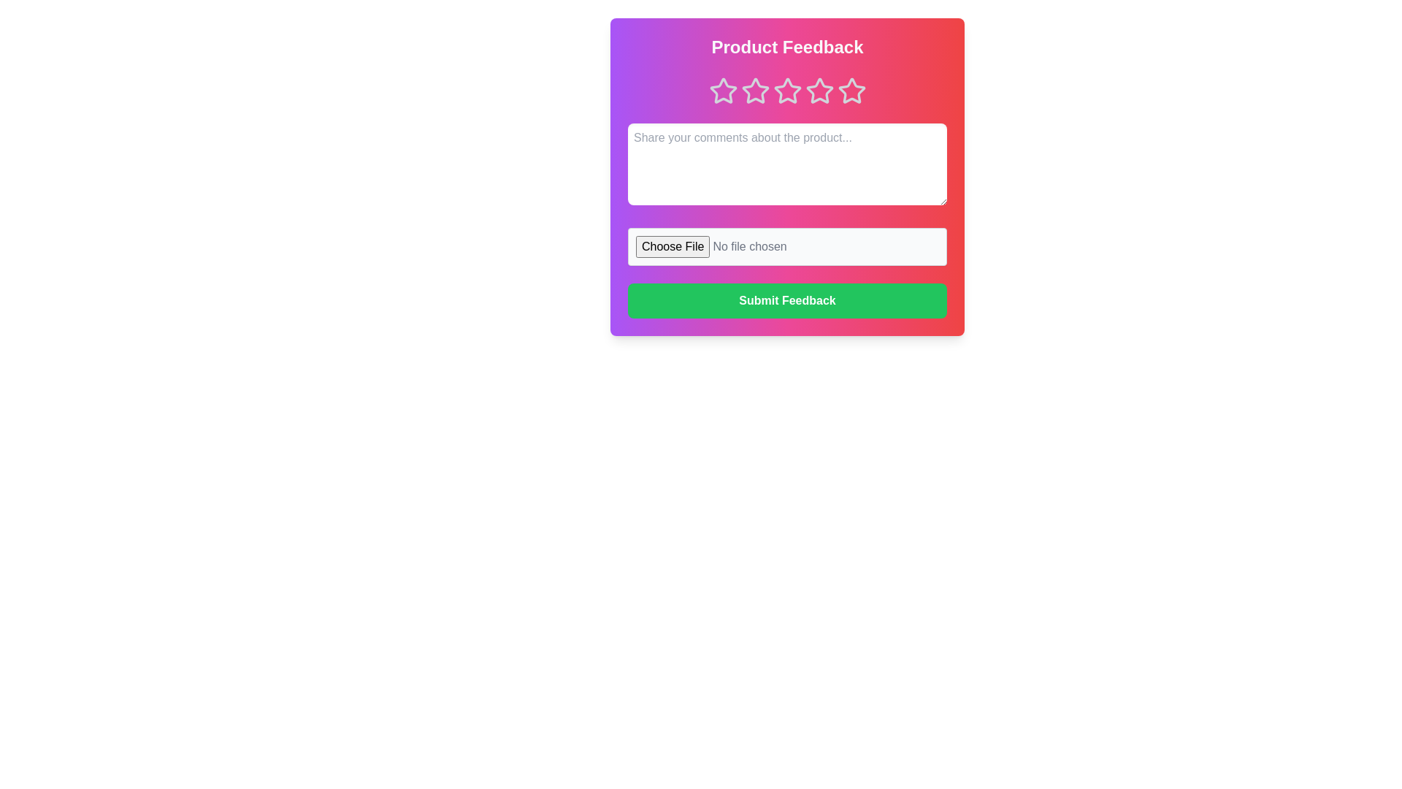 This screenshot has width=1402, height=789. What do you see at coordinates (786, 91) in the screenshot?
I see `the third star in the rating system located below the 'Product Feedback' title` at bounding box center [786, 91].